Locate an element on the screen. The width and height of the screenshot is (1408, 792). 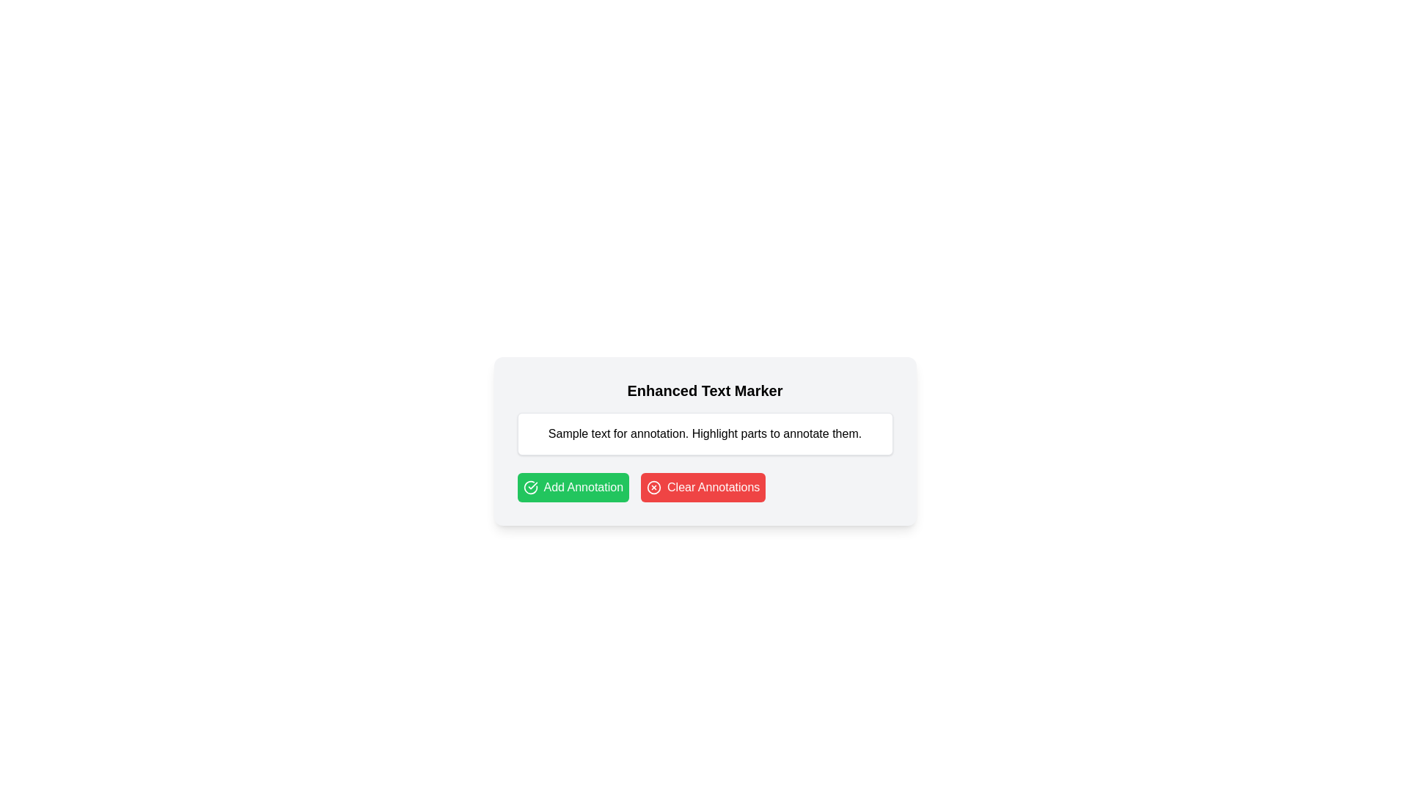
the letter 'g' in the highlighted word 'Highlight' within the text 'Sample text for annotation. Highlight parts to annotate them.' is located at coordinates (706, 433).